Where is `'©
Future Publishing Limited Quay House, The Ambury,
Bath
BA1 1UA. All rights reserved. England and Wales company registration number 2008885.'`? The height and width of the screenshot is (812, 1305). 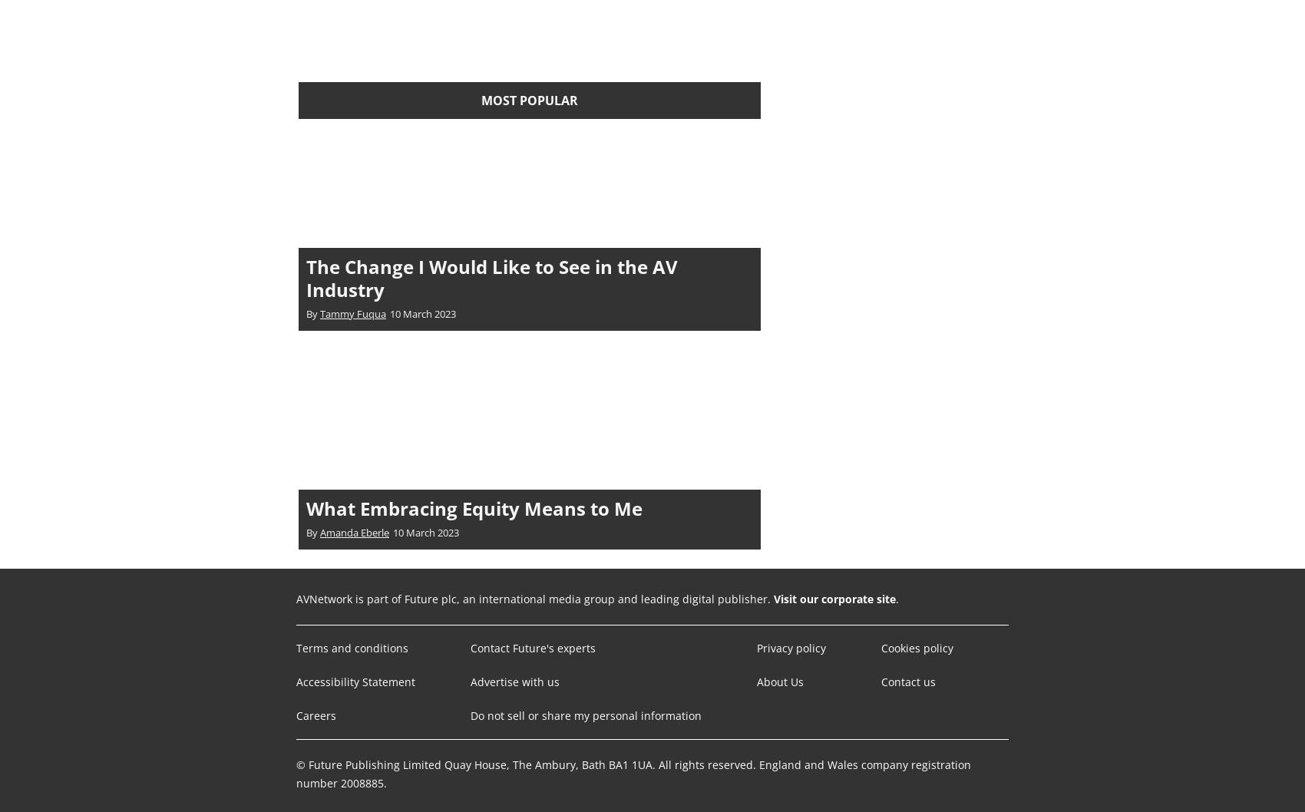
'©
Future Publishing Limited Quay House, The Ambury,
Bath
BA1 1UA. All rights reserved. England and Wales company registration number 2008885.' is located at coordinates (296, 772).